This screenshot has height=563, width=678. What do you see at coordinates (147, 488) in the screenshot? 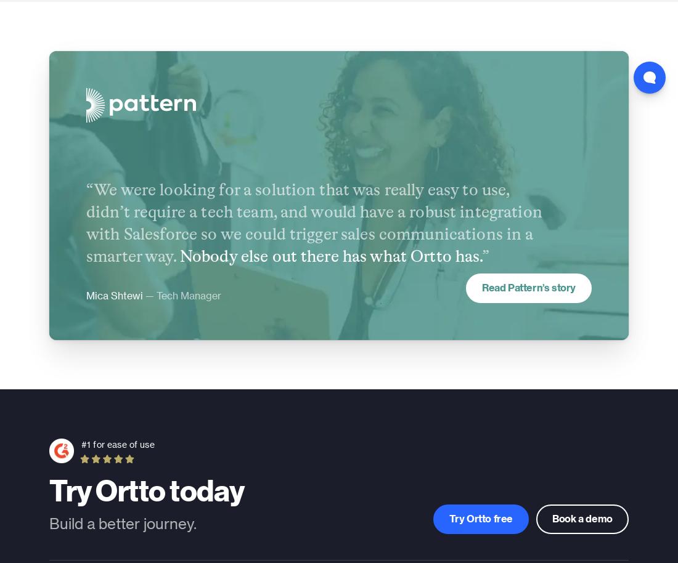
I see `'Try Ortto today'` at bounding box center [147, 488].